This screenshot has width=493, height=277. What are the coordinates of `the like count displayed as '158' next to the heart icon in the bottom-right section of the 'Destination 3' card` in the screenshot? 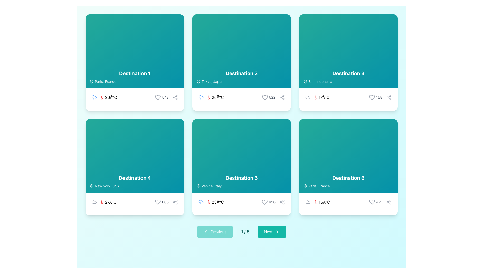 It's located at (380, 97).